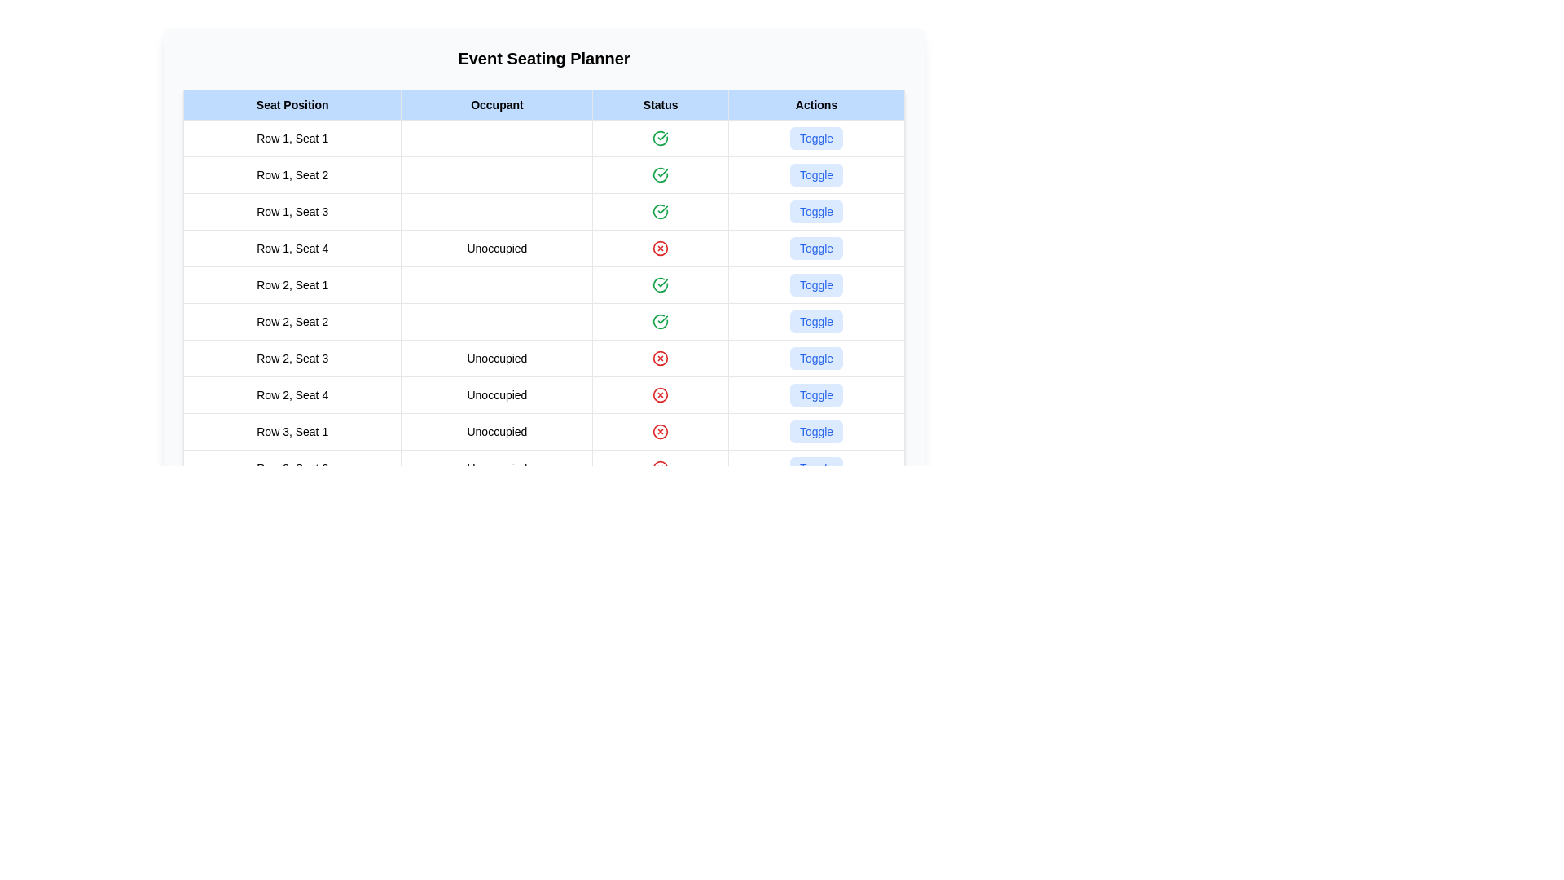 This screenshot has height=880, width=1564. Describe the element at coordinates (292, 430) in the screenshot. I see `the Text cell in the third row under the 'Seat Position' column header, which is positioned above the cell displaying 'Row 3, Seat 2'` at that location.